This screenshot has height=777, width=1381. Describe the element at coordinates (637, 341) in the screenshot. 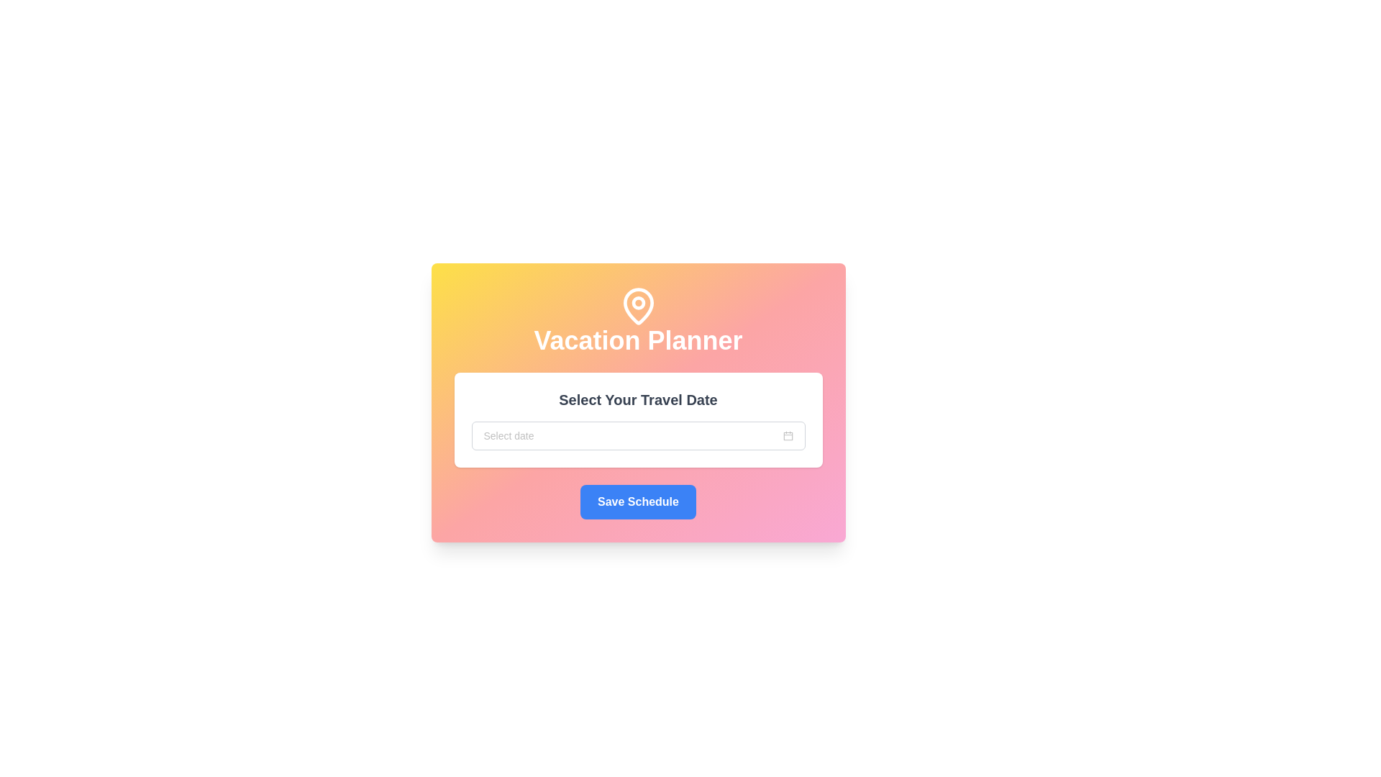

I see `the text label that identifies the purpose of the interface as a planner for vacations and trips, located at the center-top of the card, directly below the map pin icon` at that location.